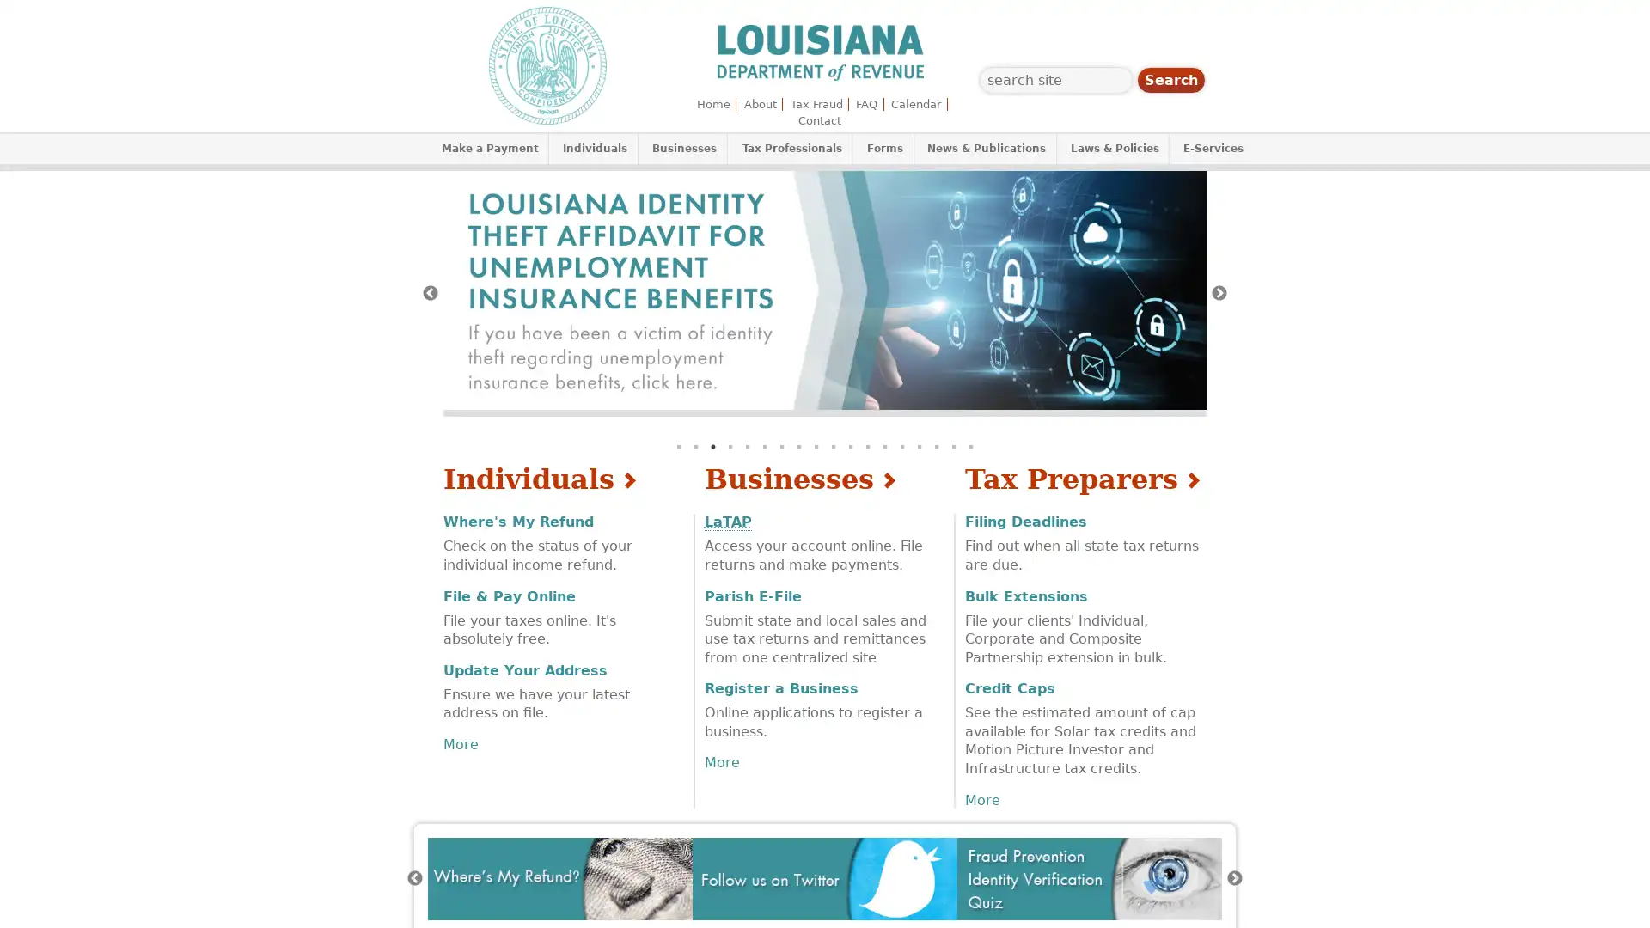 This screenshot has width=1650, height=928. What do you see at coordinates (730, 446) in the screenshot?
I see `4` at bounding box center [730, 446].